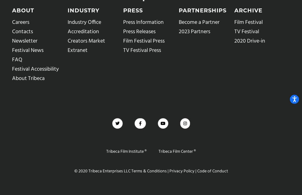 The height and width of the screenshot is (195, 302). I want to click on 'About Tribeca', so click(28, 78).